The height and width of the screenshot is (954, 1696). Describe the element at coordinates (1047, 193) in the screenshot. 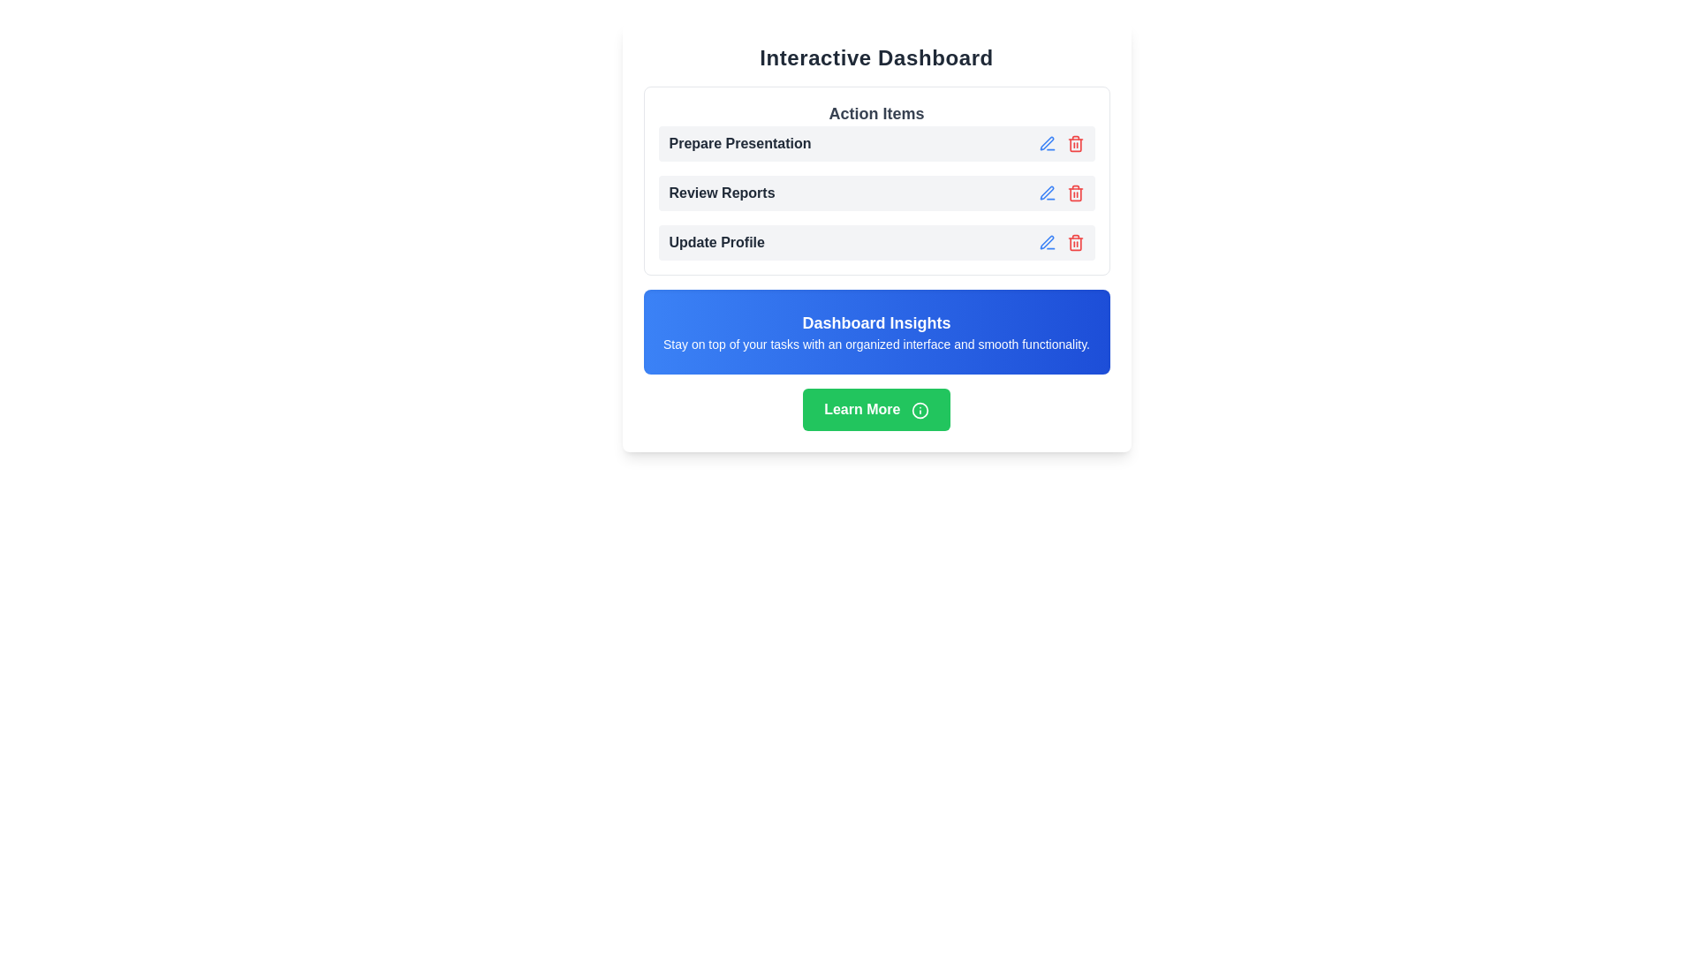

I see `the editing icon for the 'Review Reports' action to observe the hover color change` at that location.